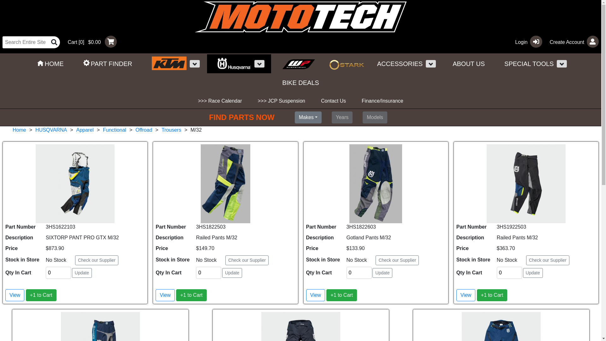  Describe the element at coordinates (281, 101) in the screenshot. I see `'>>> JCP Suspension'` at that location.